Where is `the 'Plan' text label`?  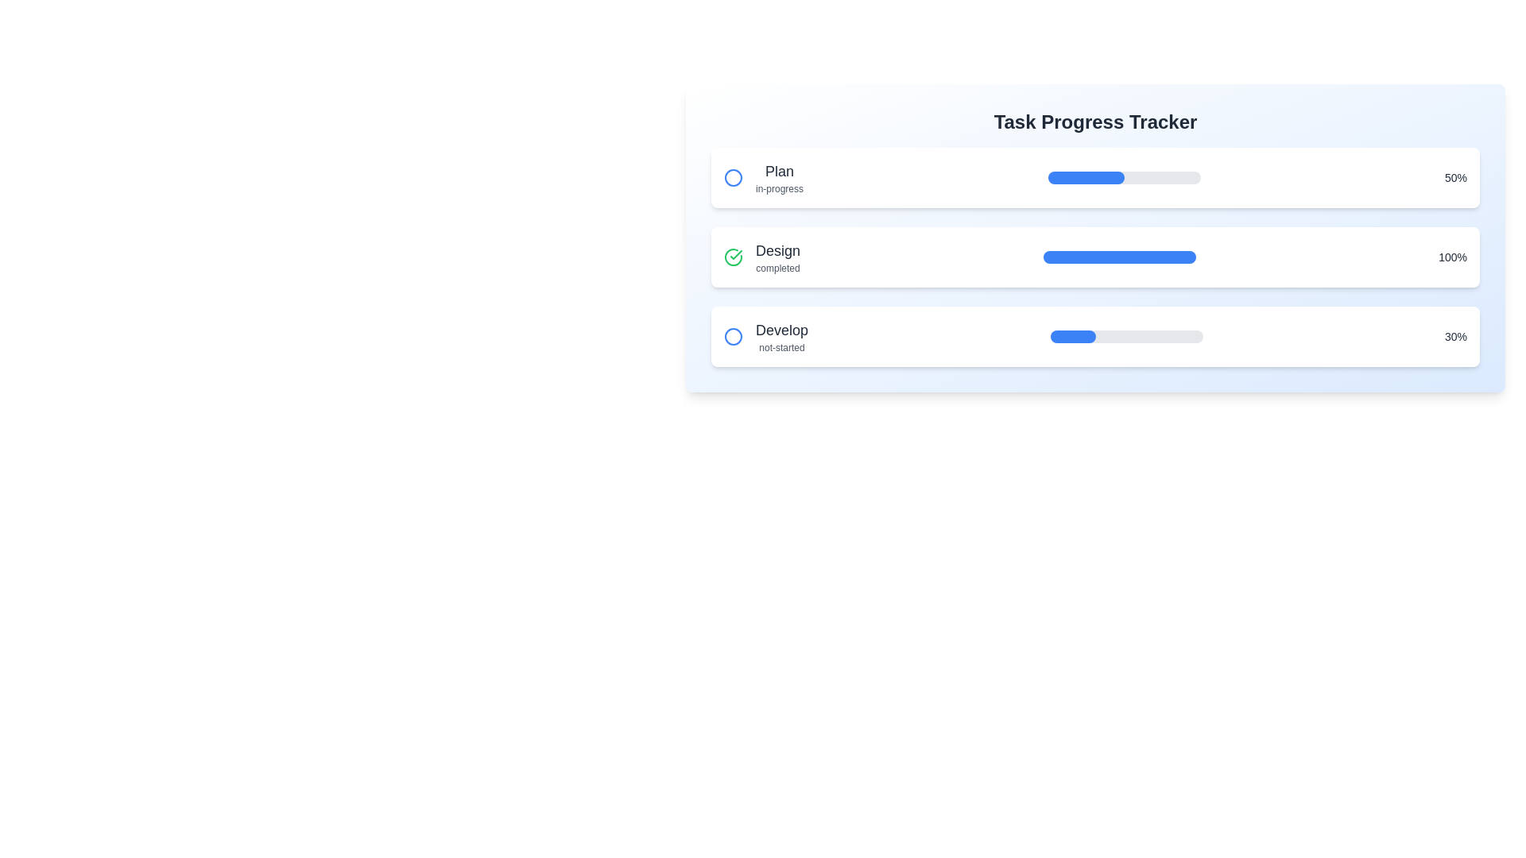
the 'Plan' text label is located at coordinates (779, 172).